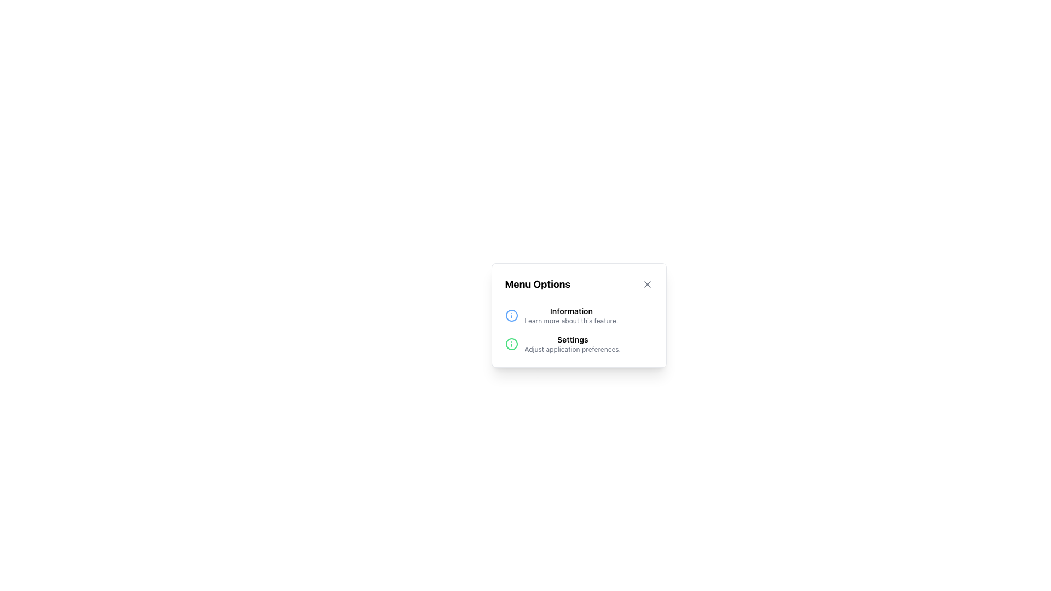  What do you see at coordinates (578, 315) in the screenshot?
I see `the Informational Text Block in the 'Menu Options' modal` at bounding box center [578, 315].